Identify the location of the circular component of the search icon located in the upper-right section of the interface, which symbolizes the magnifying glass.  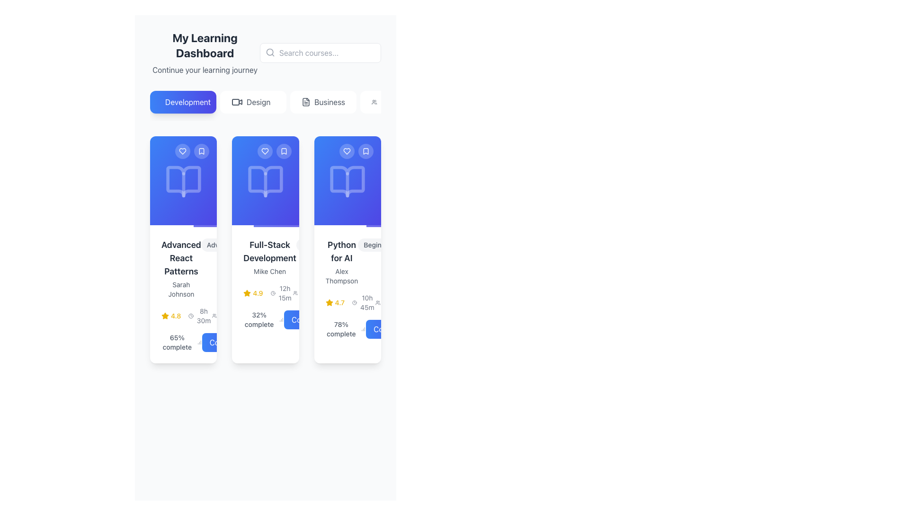
(269, 52).